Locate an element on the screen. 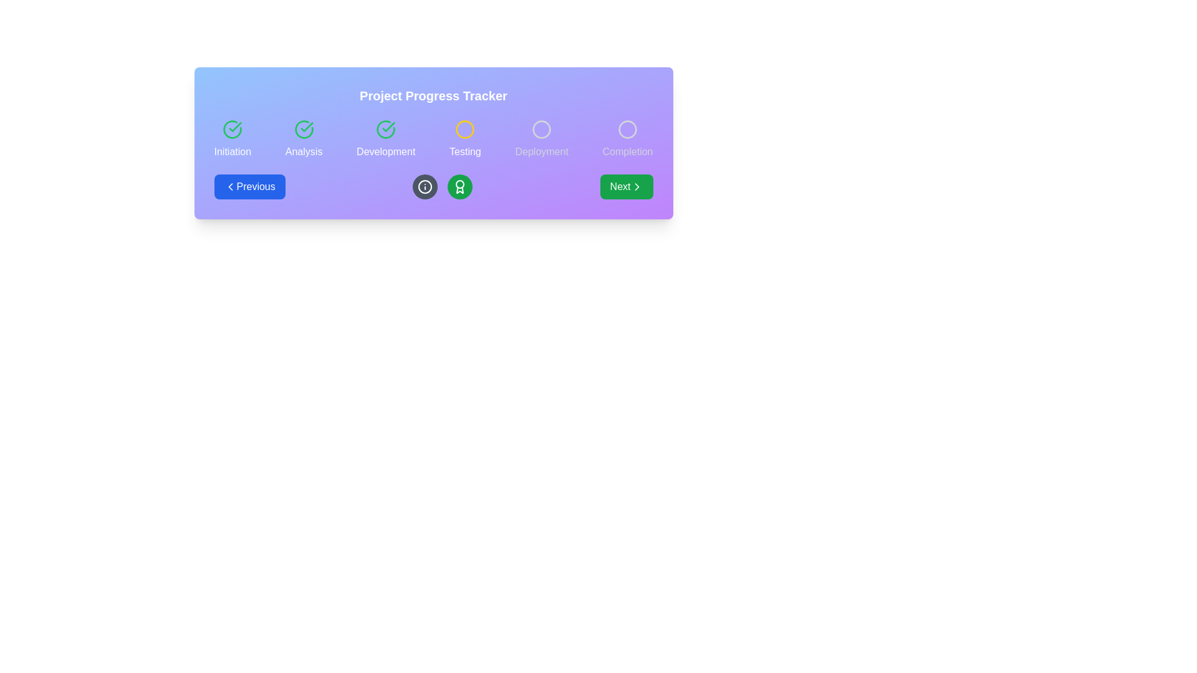  the status of the 'Deployment' step in the progress tracker, which is the fifth step in the sequence, located between 'Testing' and 'Completion' is located at coordinates (542, 139).